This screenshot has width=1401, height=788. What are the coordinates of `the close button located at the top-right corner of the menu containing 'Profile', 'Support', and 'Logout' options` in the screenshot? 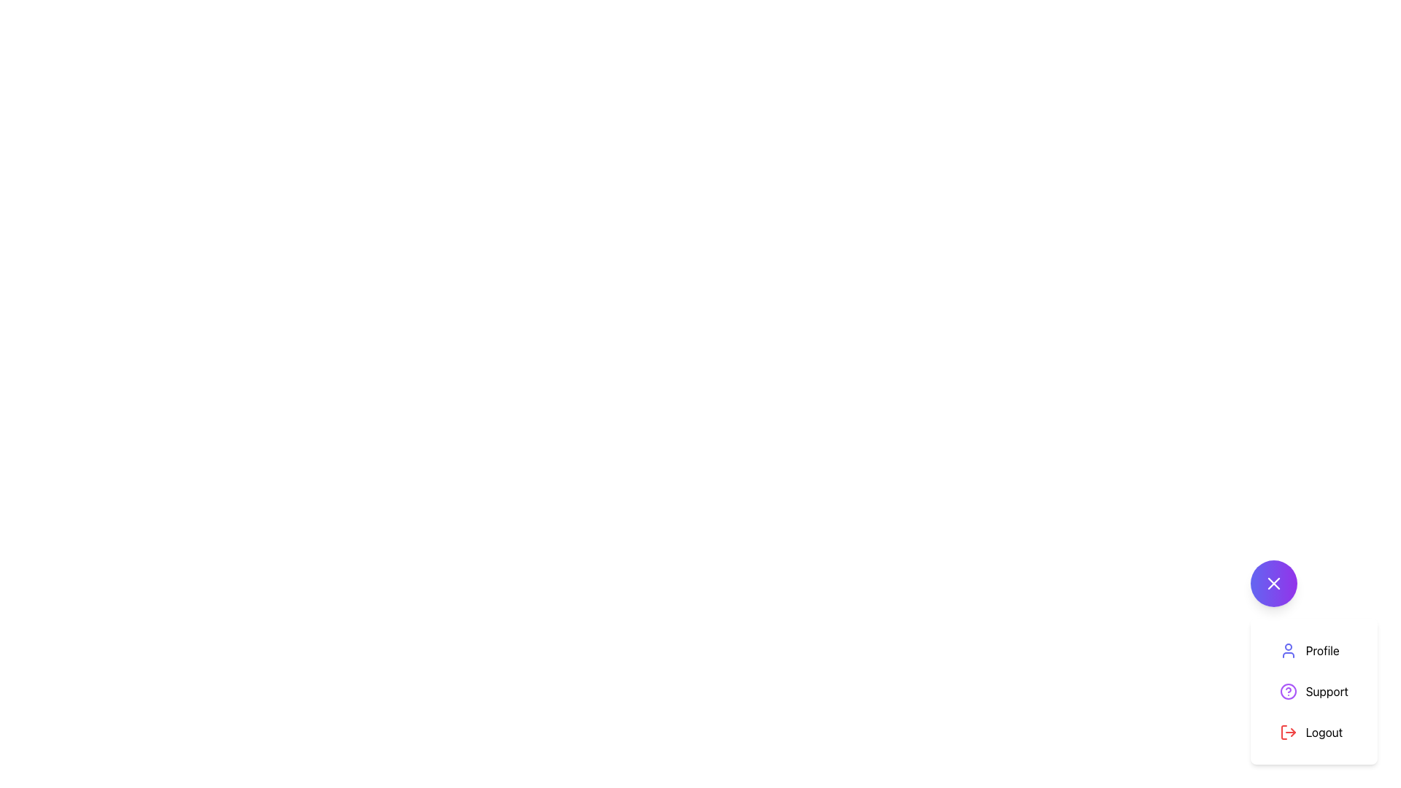 It's located at (1313, 662).